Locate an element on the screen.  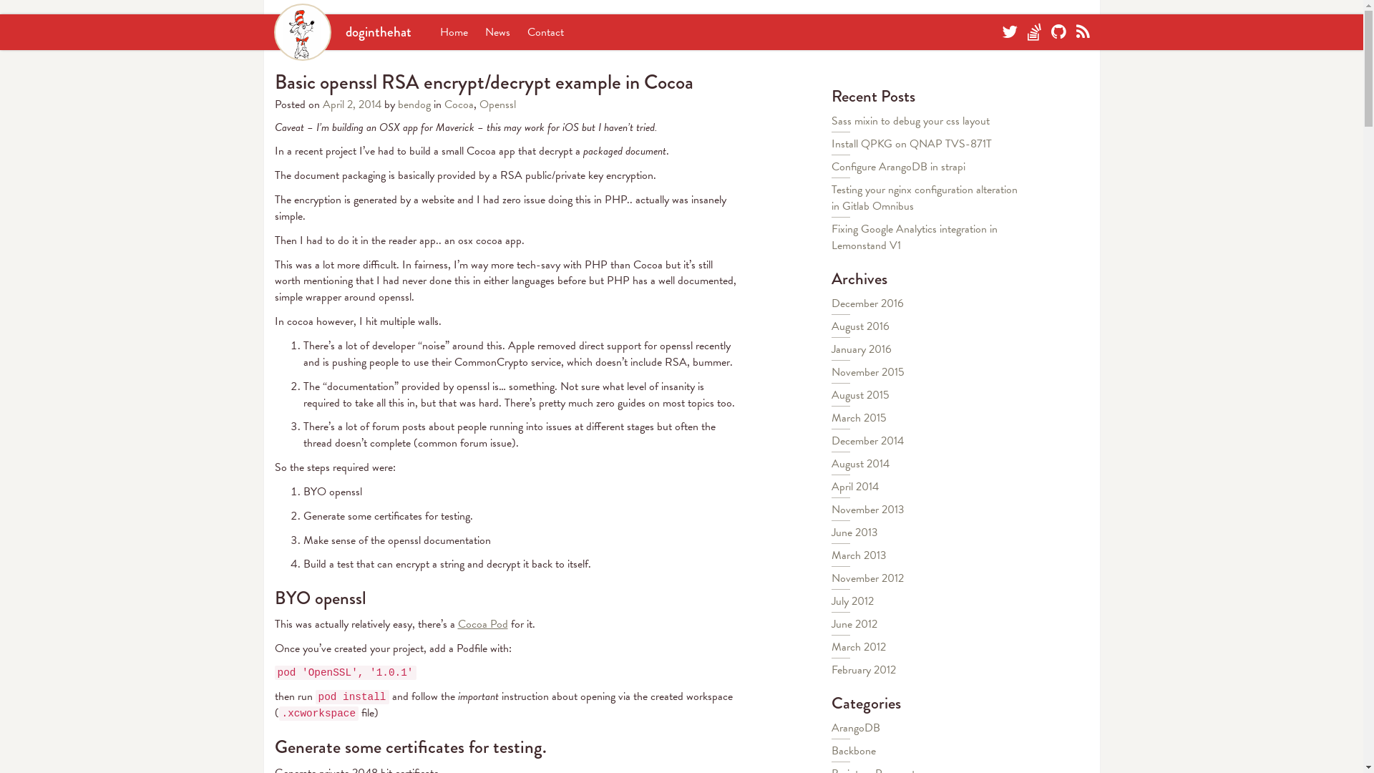
'Fixing Google Analytics integration in Lemonstand V1' is located at coordinates (831, 236).